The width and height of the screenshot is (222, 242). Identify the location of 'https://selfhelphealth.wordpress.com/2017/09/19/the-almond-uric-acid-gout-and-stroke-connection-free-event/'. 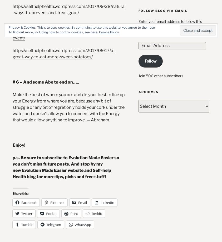
(12, 31).